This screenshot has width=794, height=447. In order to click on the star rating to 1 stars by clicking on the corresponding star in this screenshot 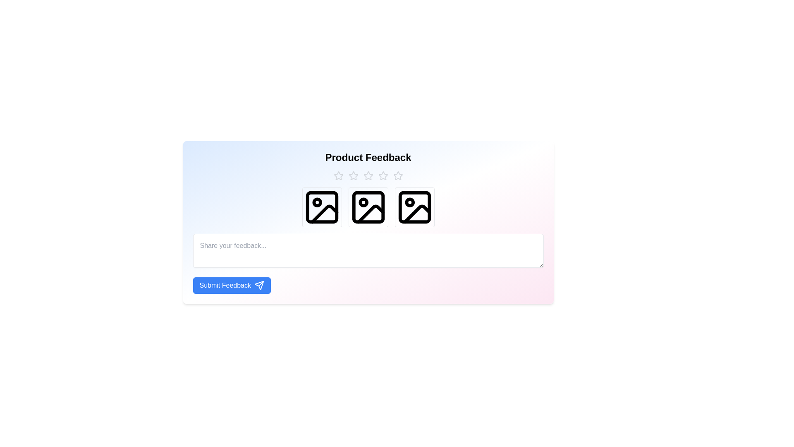, I will do `click(338, 175)`.